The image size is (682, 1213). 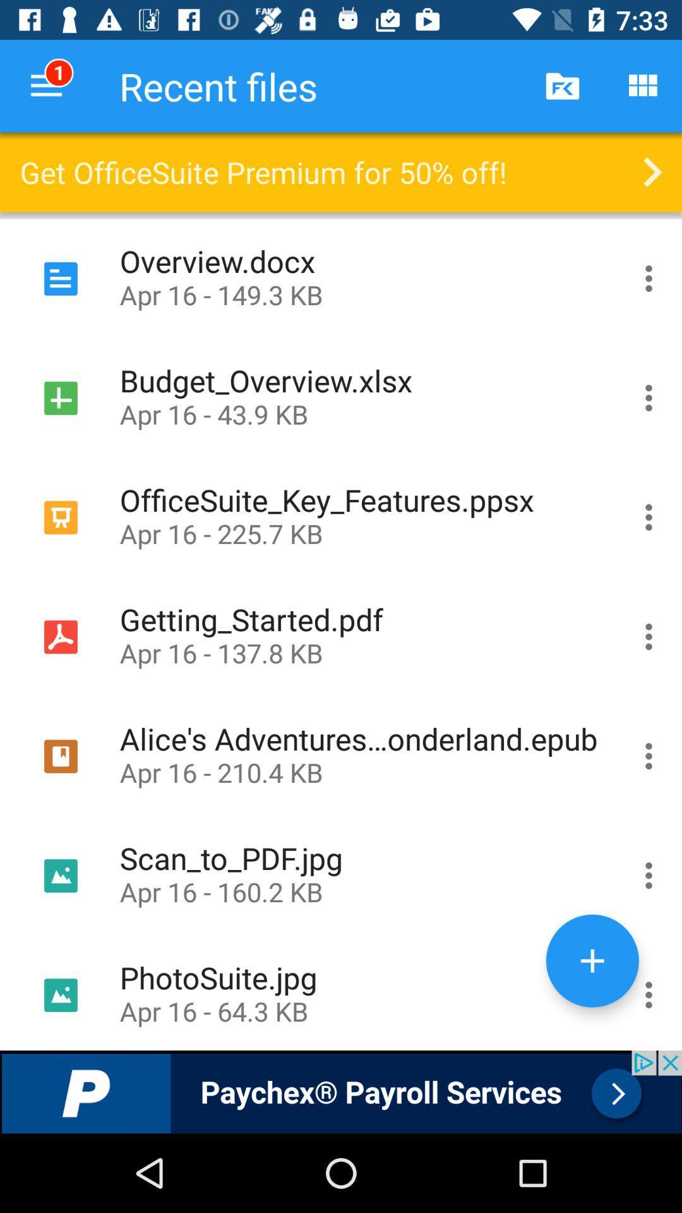 What do you see at coordinates (649, 397) in the screenshot?
I see `budget overview` at bounding box center [649, 397].